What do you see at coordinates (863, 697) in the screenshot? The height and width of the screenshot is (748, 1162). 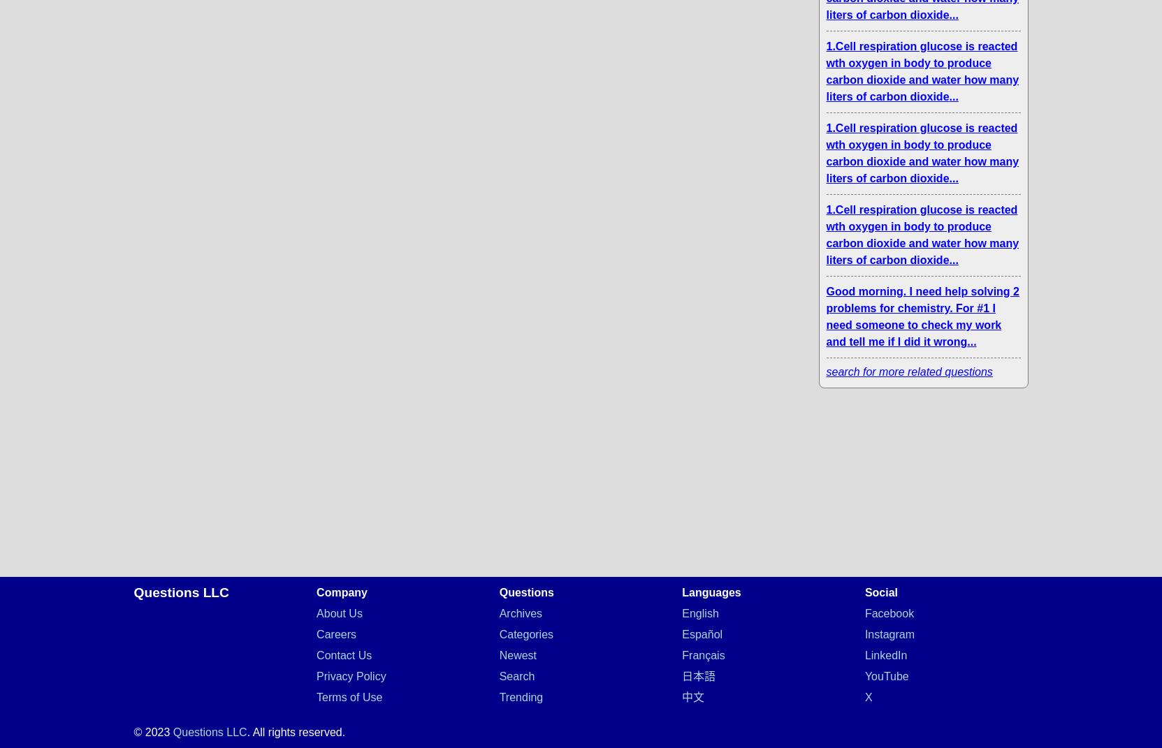 I see `'X'` at bounding box center [863, 697].